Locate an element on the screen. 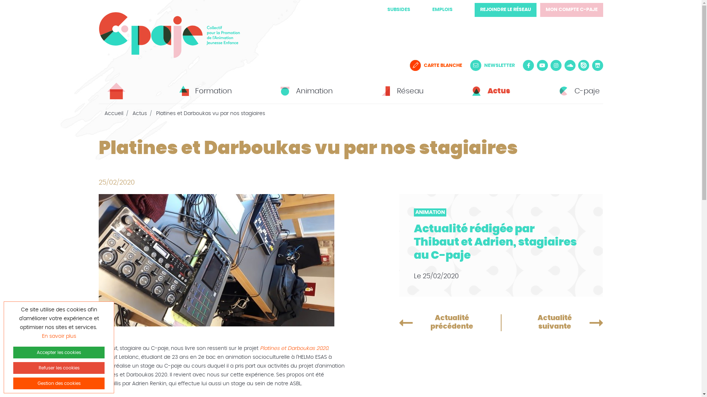  'Formation' is located at coordinates (204, 90).